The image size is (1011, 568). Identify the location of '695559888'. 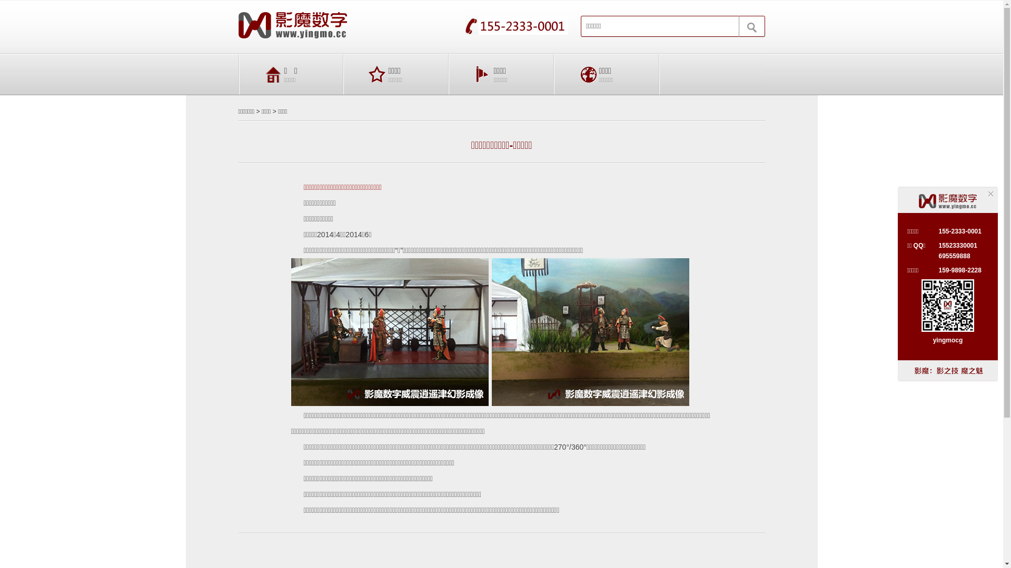
(954, 256).